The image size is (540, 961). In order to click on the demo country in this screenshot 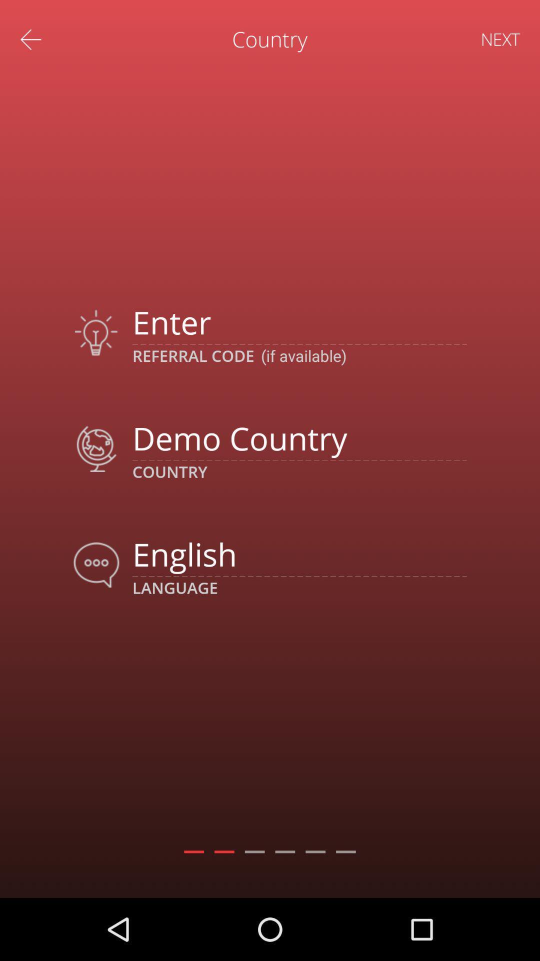, I will do `click(299, 438)`.